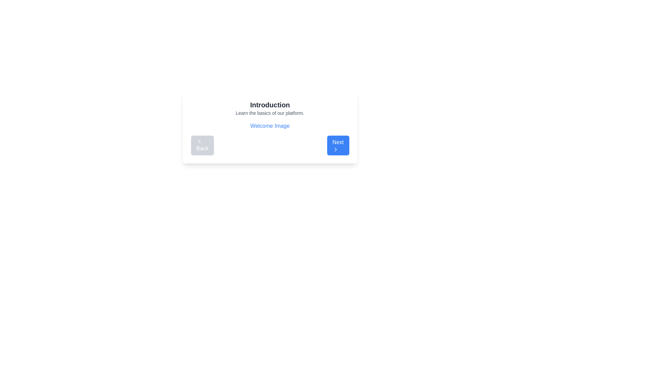 The width and height of the screenshot is (655, 368). What do you see at coordinates (338, 145) in the screenshot?
I see `the 'Next' button, which has a bold blue background and white text` at bounding box center [338, 145].